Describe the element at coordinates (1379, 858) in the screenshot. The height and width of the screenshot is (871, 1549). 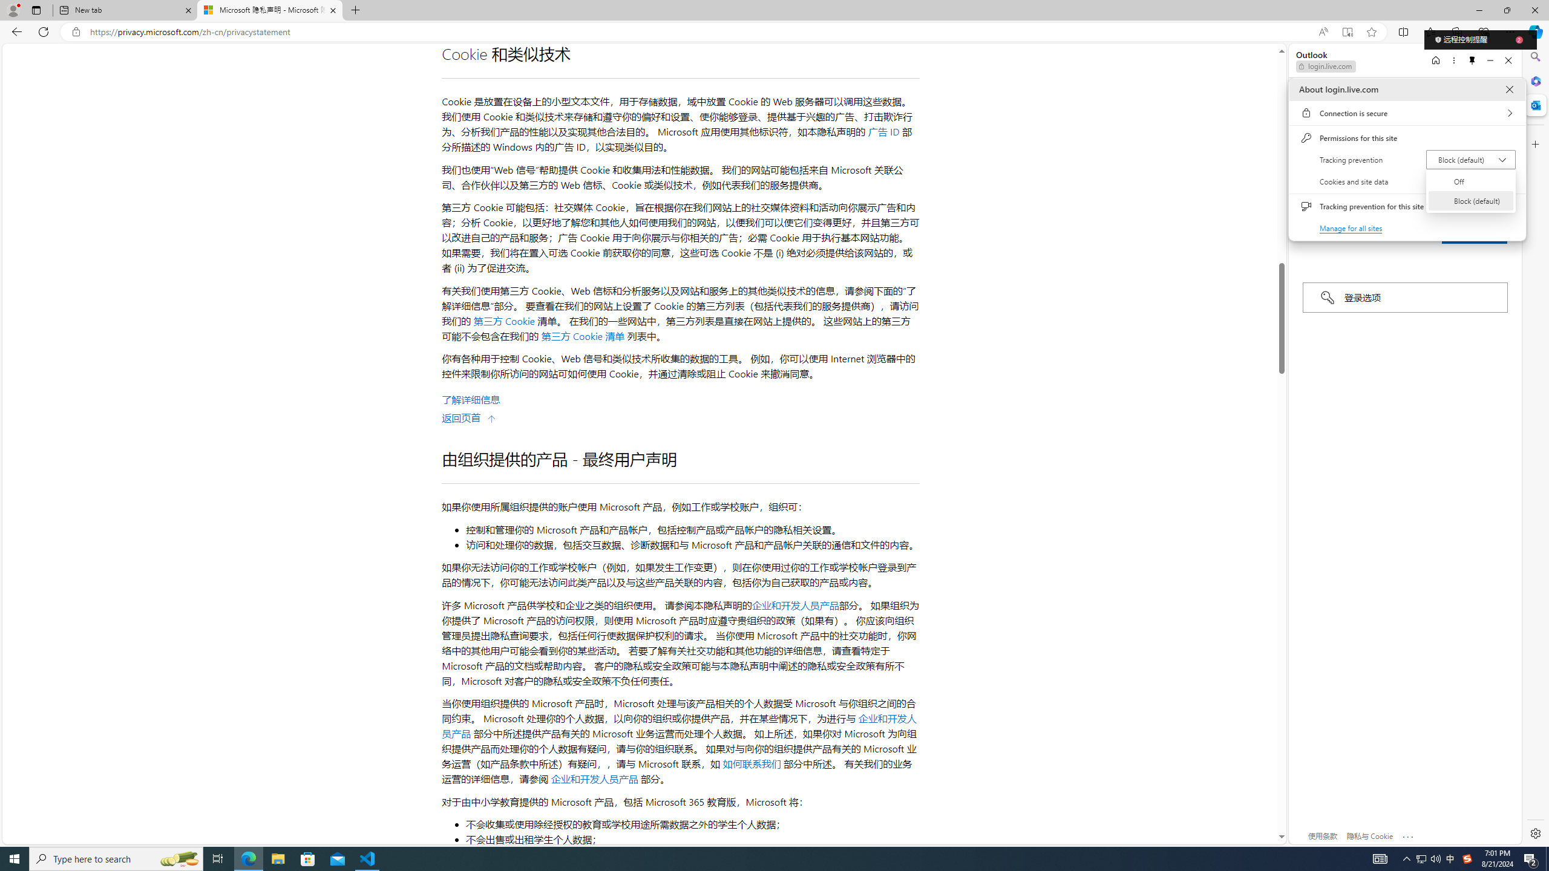
I see `'AutomationID: 4105'` at that location.